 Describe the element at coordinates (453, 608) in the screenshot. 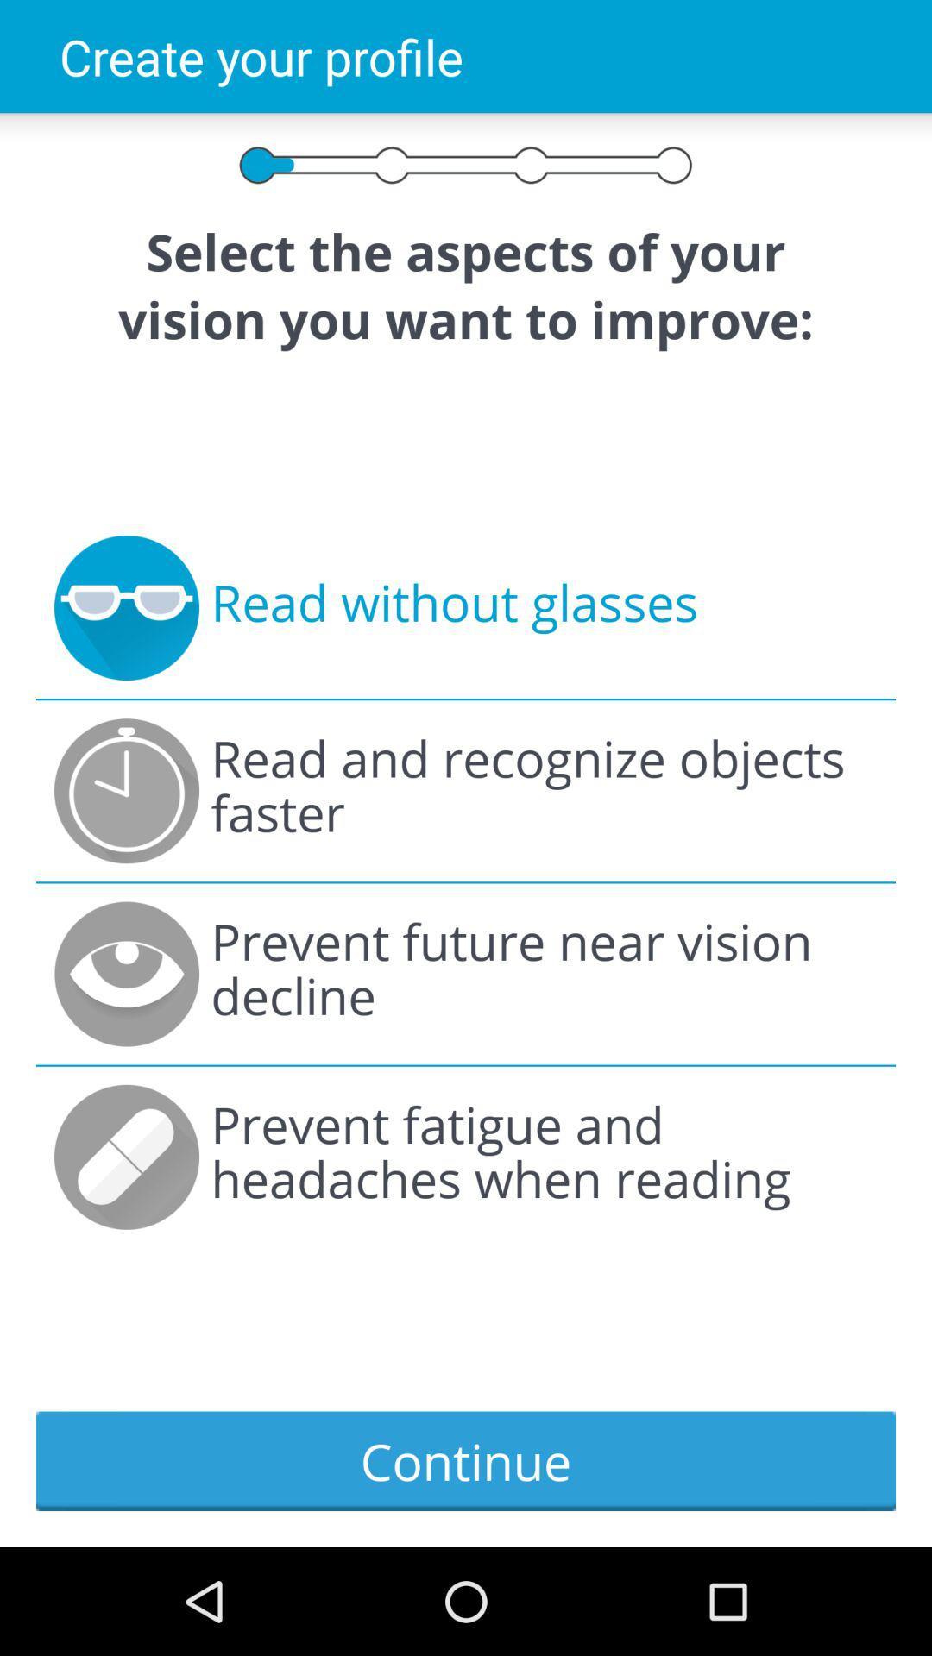

I see `read without glasses` at that location.